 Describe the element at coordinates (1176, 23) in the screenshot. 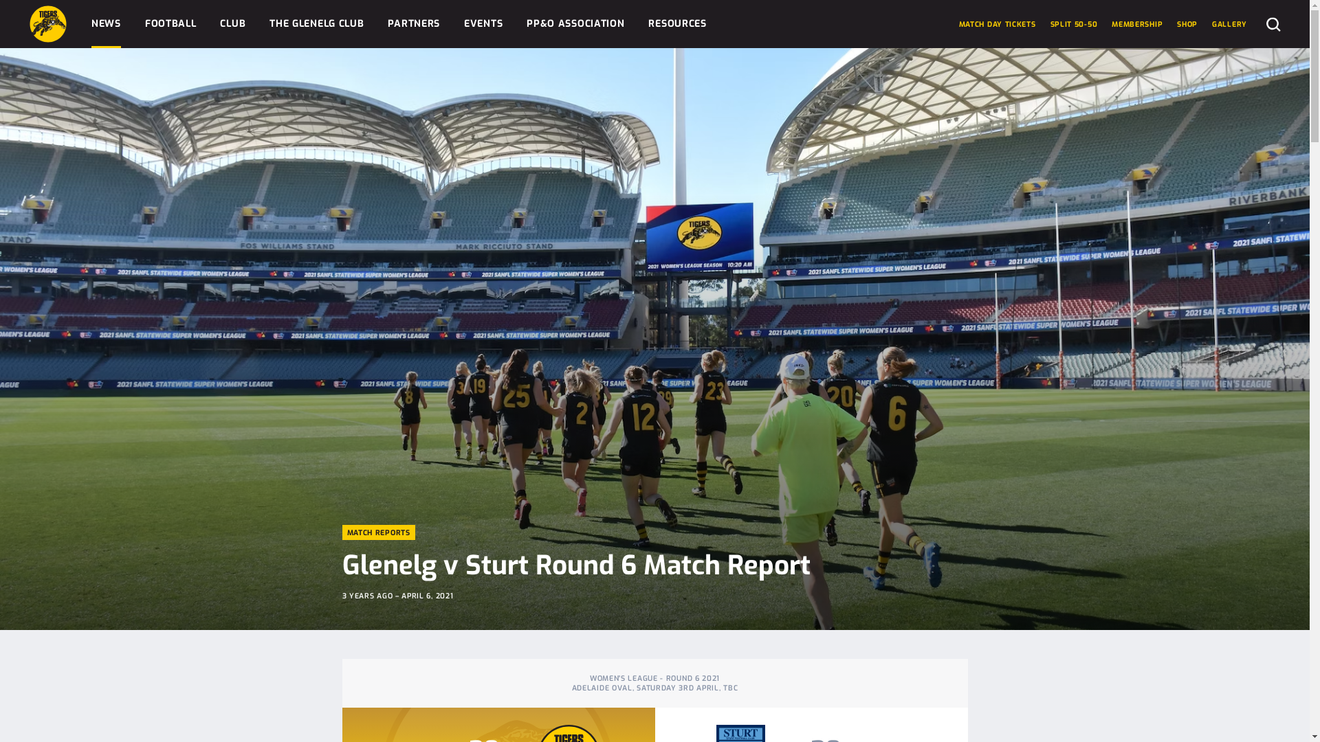

I see `'SHOP'` at that location.